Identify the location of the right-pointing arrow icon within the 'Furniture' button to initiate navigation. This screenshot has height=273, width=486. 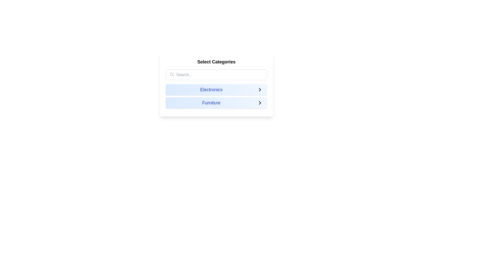
(260, 103).